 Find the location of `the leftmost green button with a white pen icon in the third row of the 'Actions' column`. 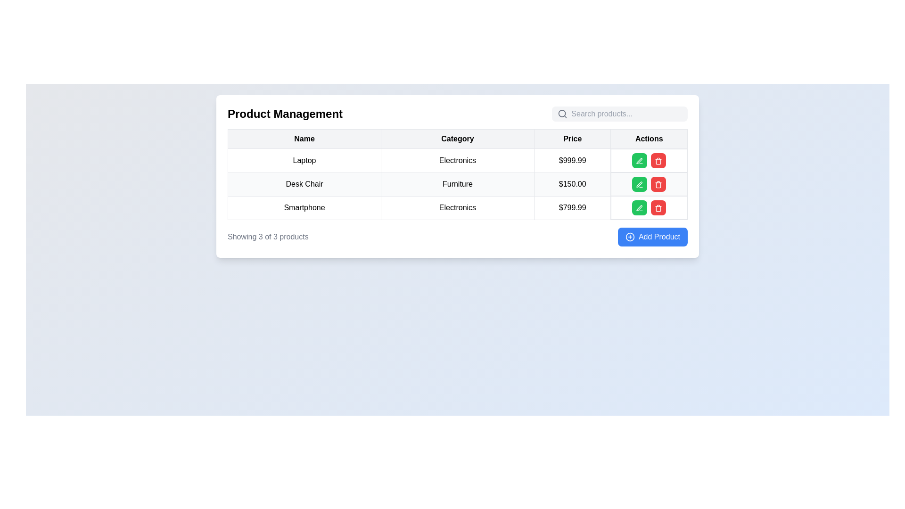

the leftmost green button with a white pen icon in the third row of the 'Actions' column is located at coordinates (640, 184).